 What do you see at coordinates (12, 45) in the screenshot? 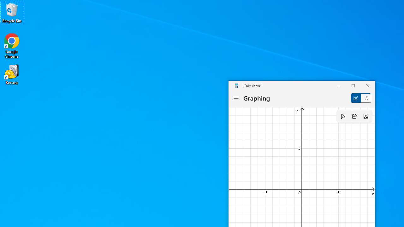
I see `'Google Chrome'` at bounding box center [12, 45].